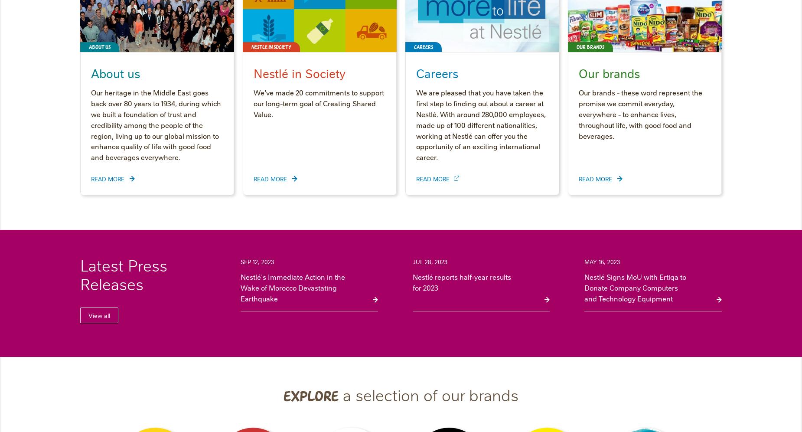 The image size is (802, 432). Describe the element at coordinates (123, 274) in the screenshot. I see `'Latest Press Releases'` at that location.